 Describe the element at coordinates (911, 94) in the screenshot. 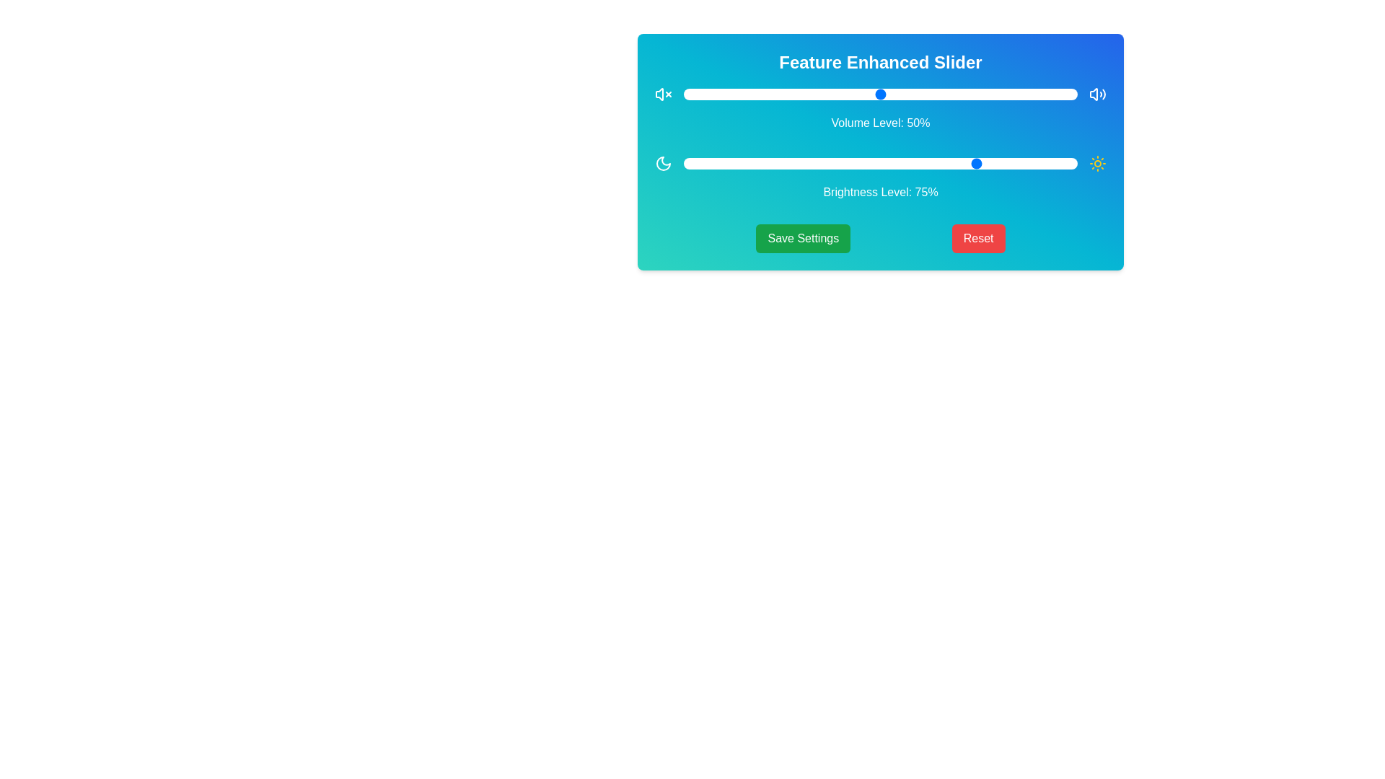

I see `the slider value` at that location.